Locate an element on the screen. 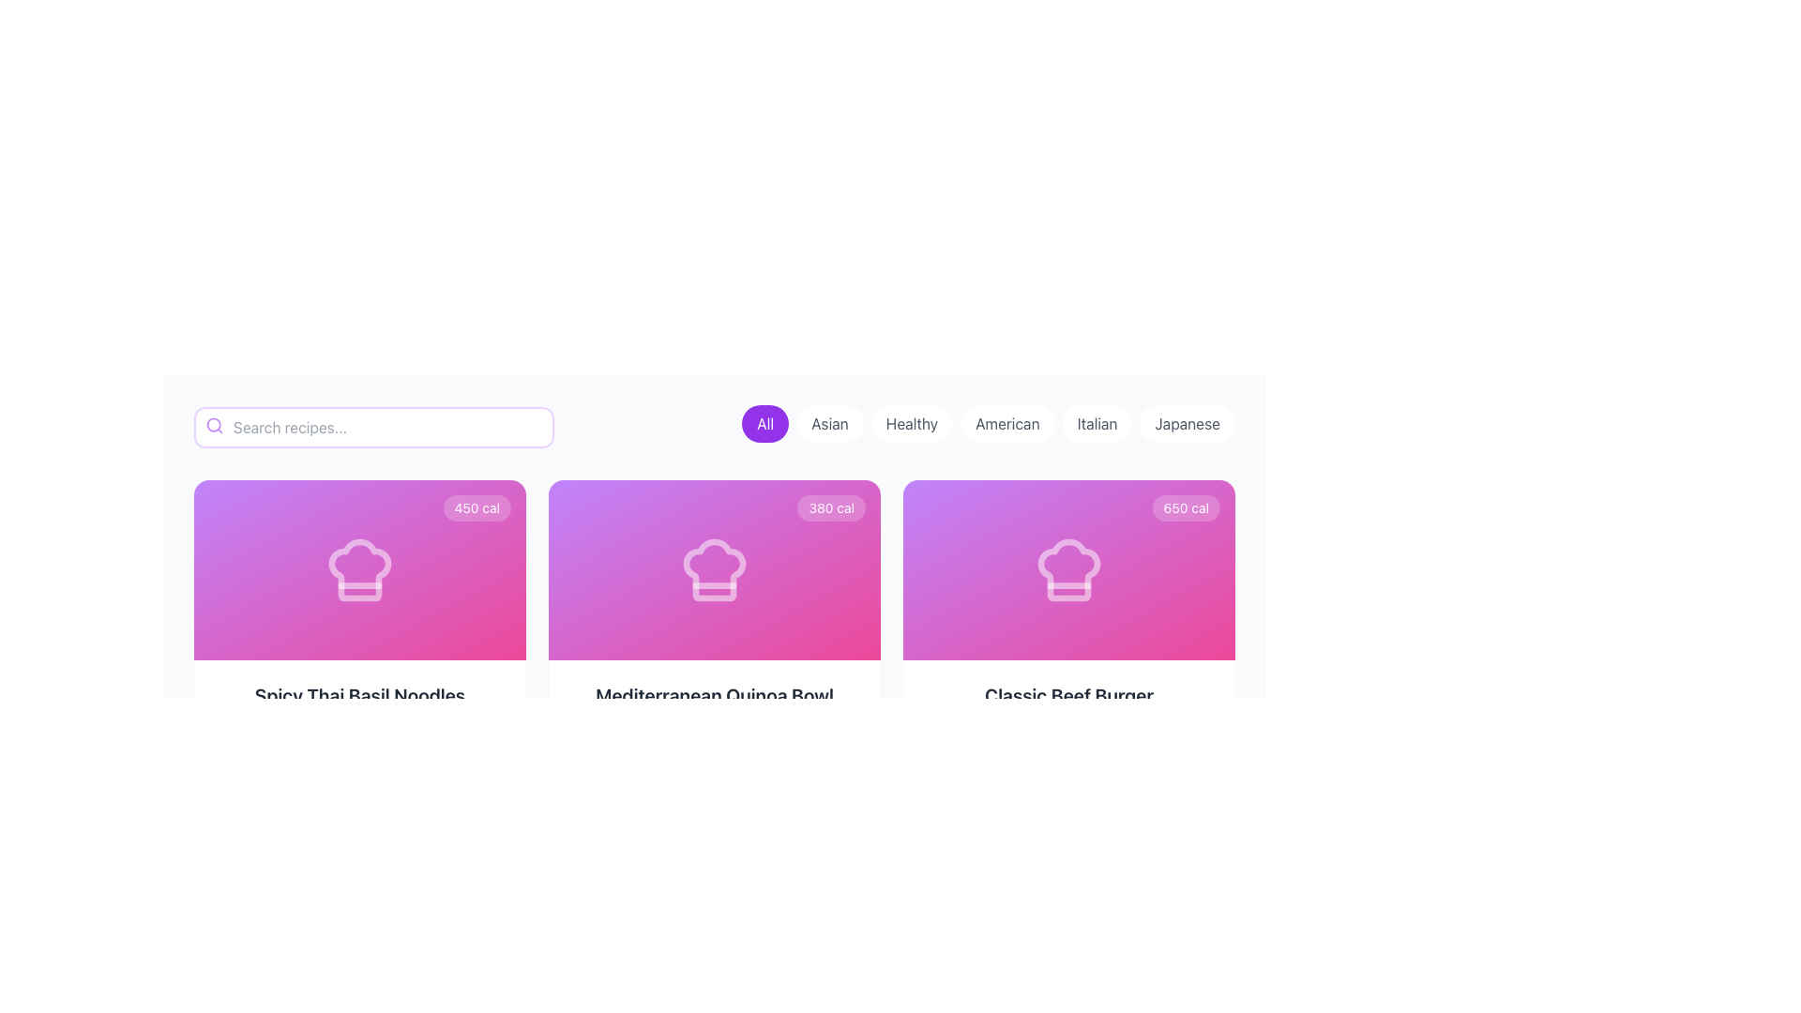 Image resolution: width=1801 pixels, height=1013 pixels. the informational label displaying '650 cal' located at the top-right corner of the card with a gradient background, positioned above the chef hat icon is located at coordinates (1185, 508).